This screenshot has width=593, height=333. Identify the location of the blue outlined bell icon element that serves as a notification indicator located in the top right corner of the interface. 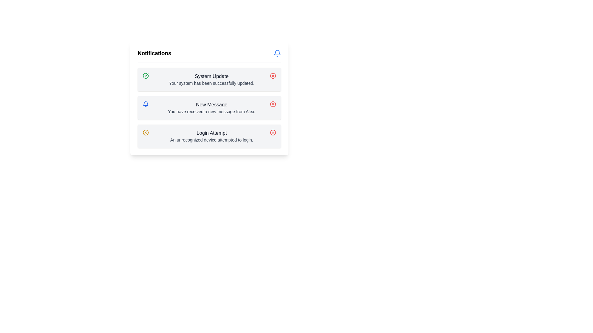
(145, 103).